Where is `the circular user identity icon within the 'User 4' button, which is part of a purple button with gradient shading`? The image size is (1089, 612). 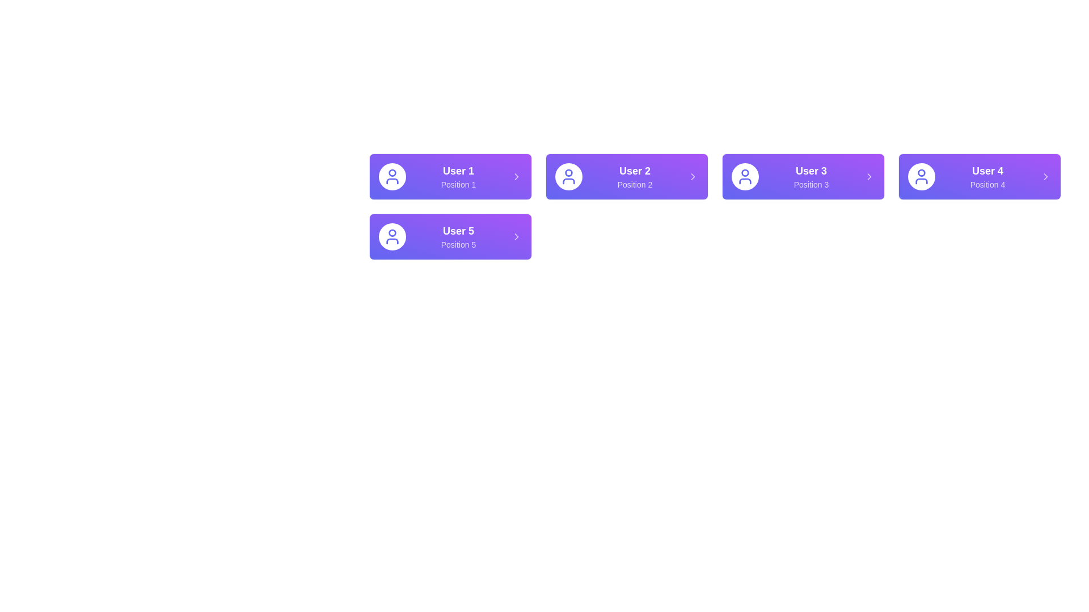 the circular user identity icon within the 'User 4' button, which is part of a purple button with gradient shading is located at coordinates (922, 172).